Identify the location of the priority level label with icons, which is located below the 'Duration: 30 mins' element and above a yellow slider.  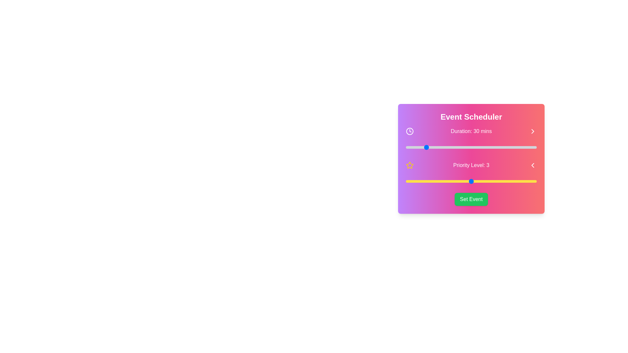
(471, 165).